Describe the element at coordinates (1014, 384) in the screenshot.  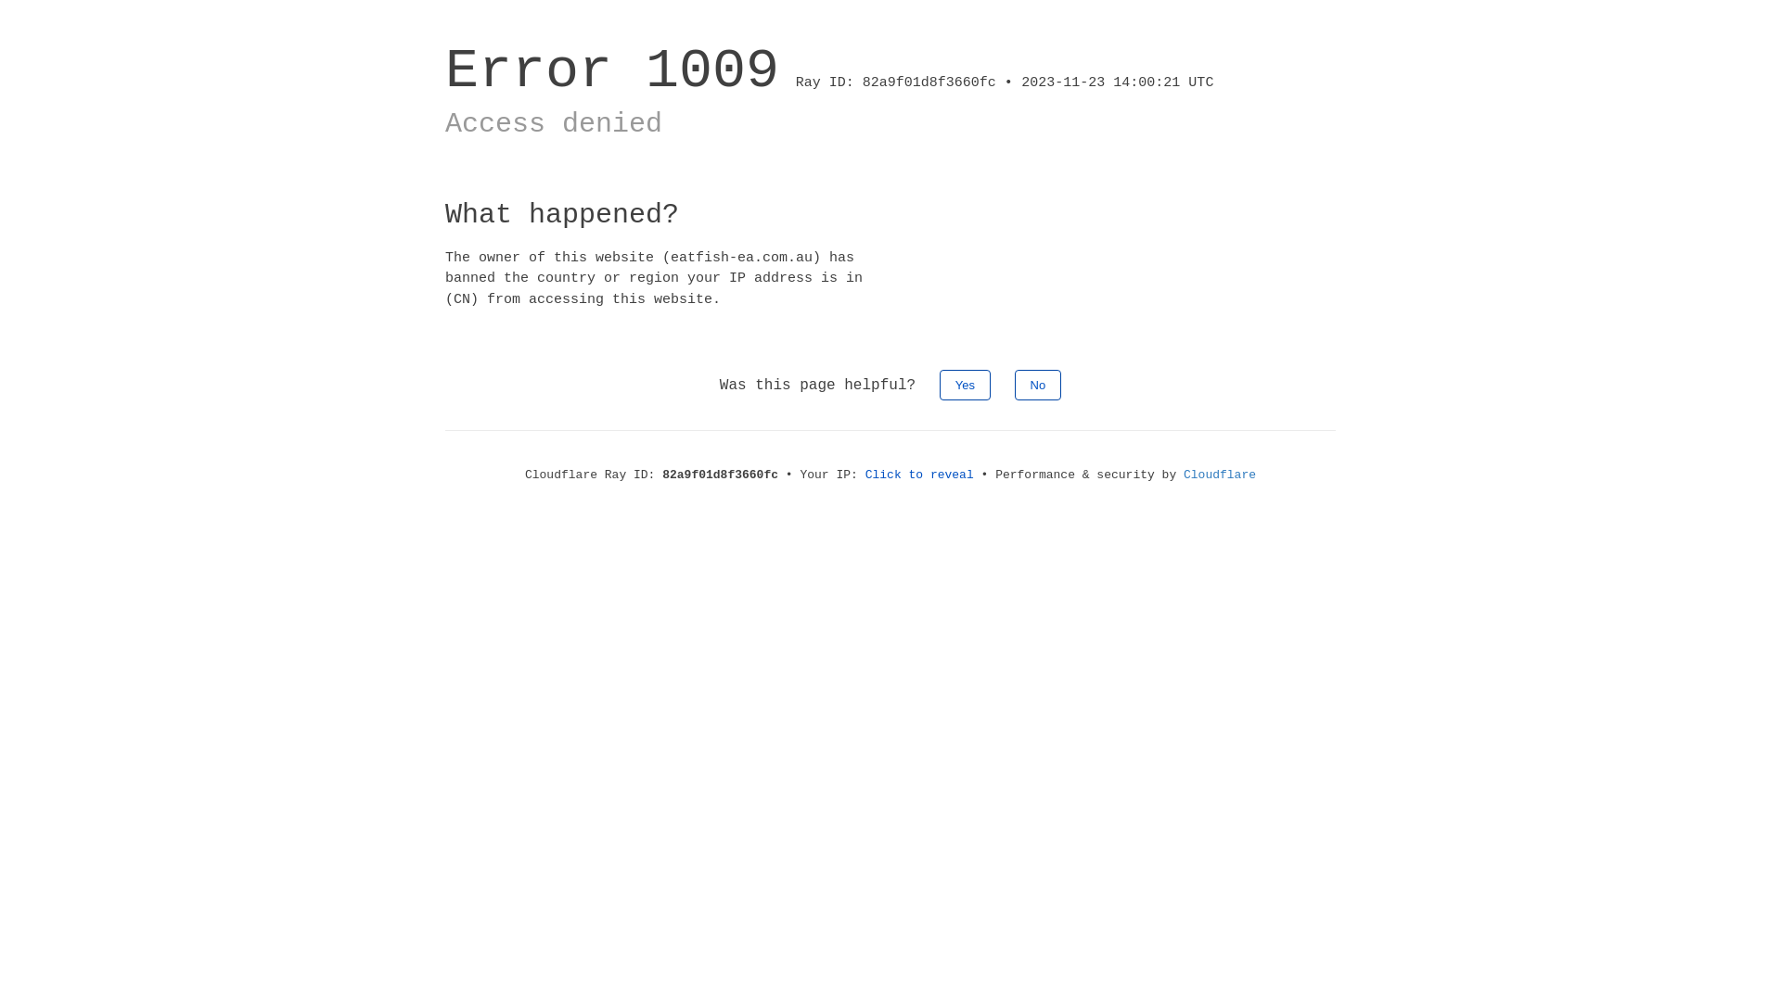
I see `'No'` at that location.